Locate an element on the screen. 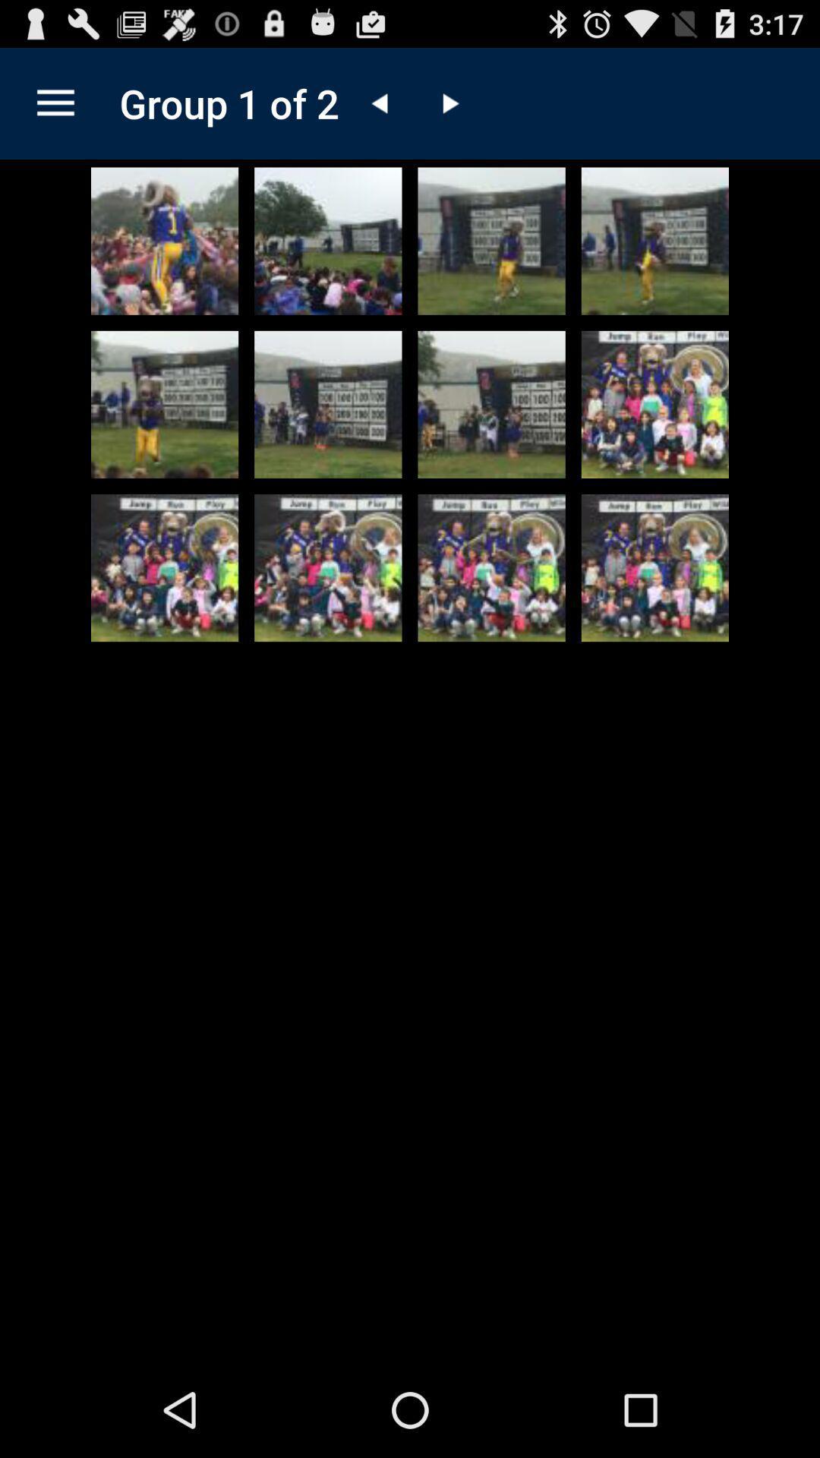 This screenshot has height=1458, width=820. expand picture is located at coordinates (165, 567).